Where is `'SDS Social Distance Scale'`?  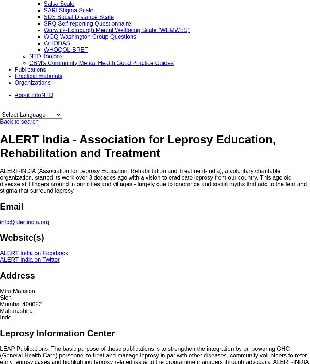
'SDS Social Distance Scale' is located at coordinates (78, 16).